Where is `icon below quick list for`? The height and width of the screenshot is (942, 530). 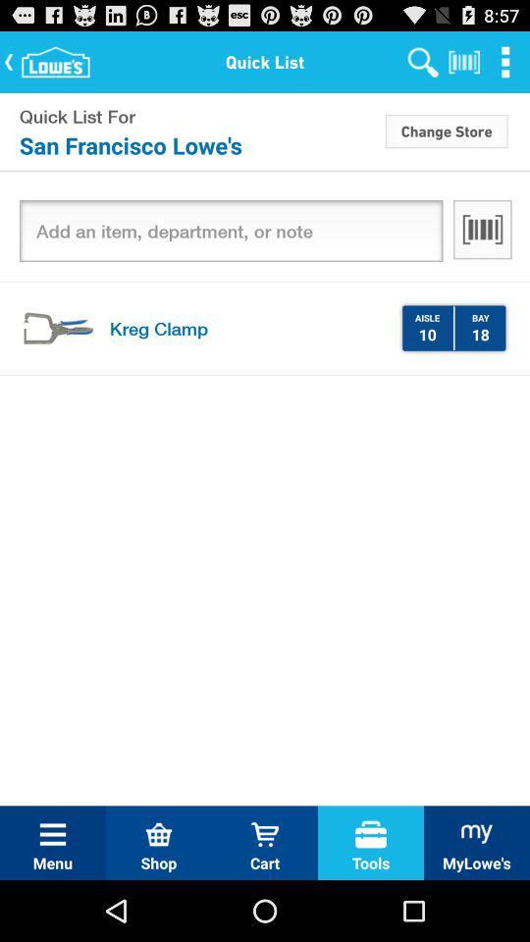
icon below quick list for is located at coordinates (200, 143).